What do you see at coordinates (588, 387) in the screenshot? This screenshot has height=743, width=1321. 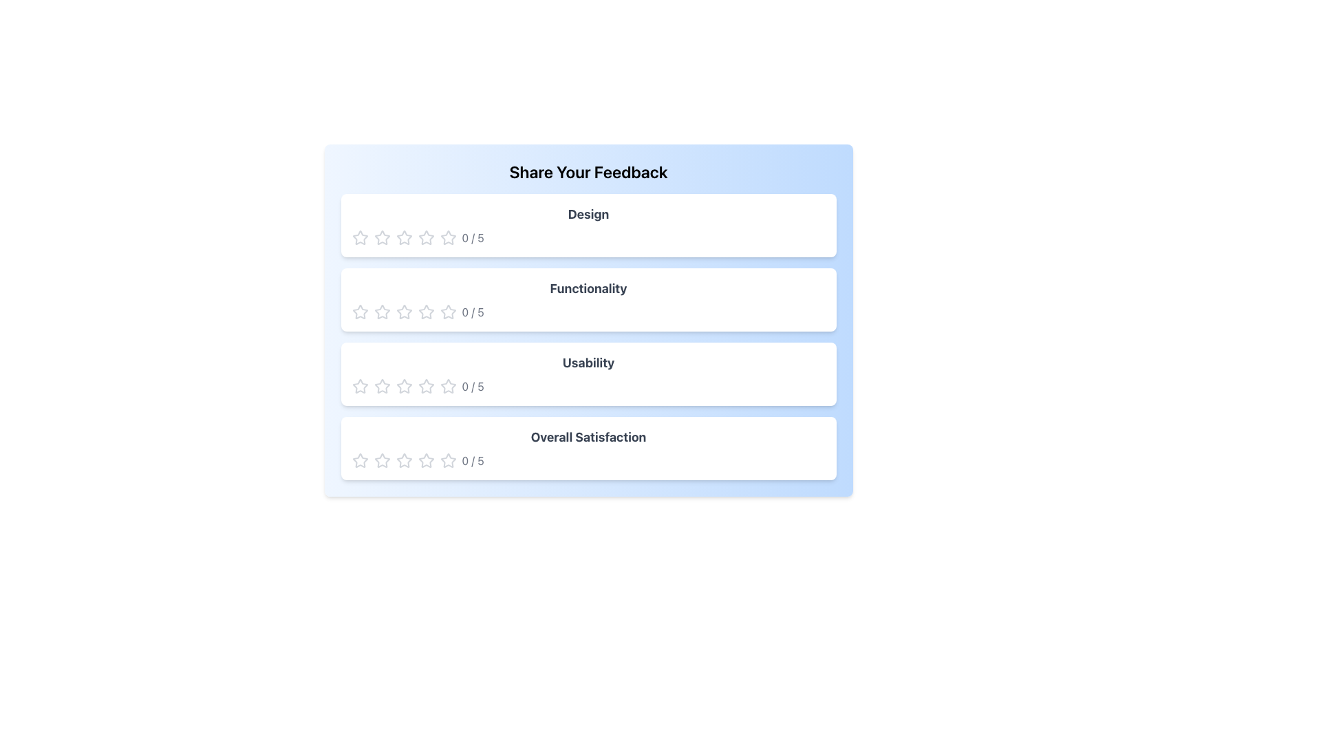 I see `the star in the Usability rating control` at bounding box center [588, 387].